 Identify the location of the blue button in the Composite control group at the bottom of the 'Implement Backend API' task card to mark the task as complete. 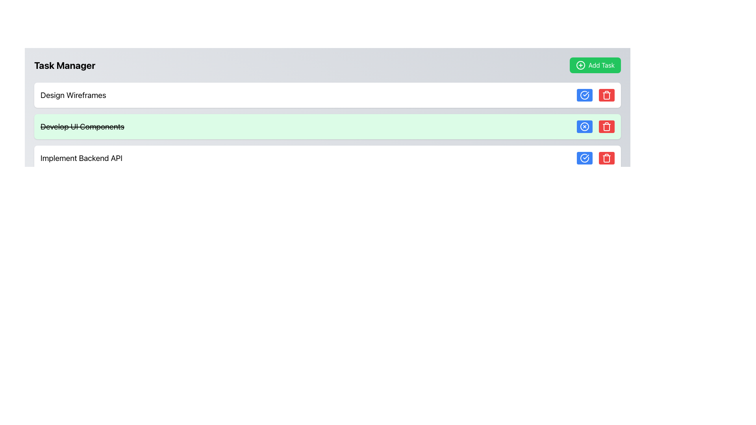
(595, 158).